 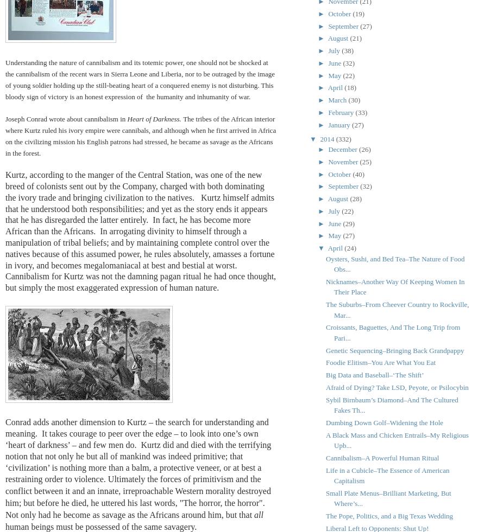 What do you see at coordinates (66, 118) in the screenshot?
I see `'Joseph Conrad wrote about cannibalism in'` at bounding box center [66, 118].